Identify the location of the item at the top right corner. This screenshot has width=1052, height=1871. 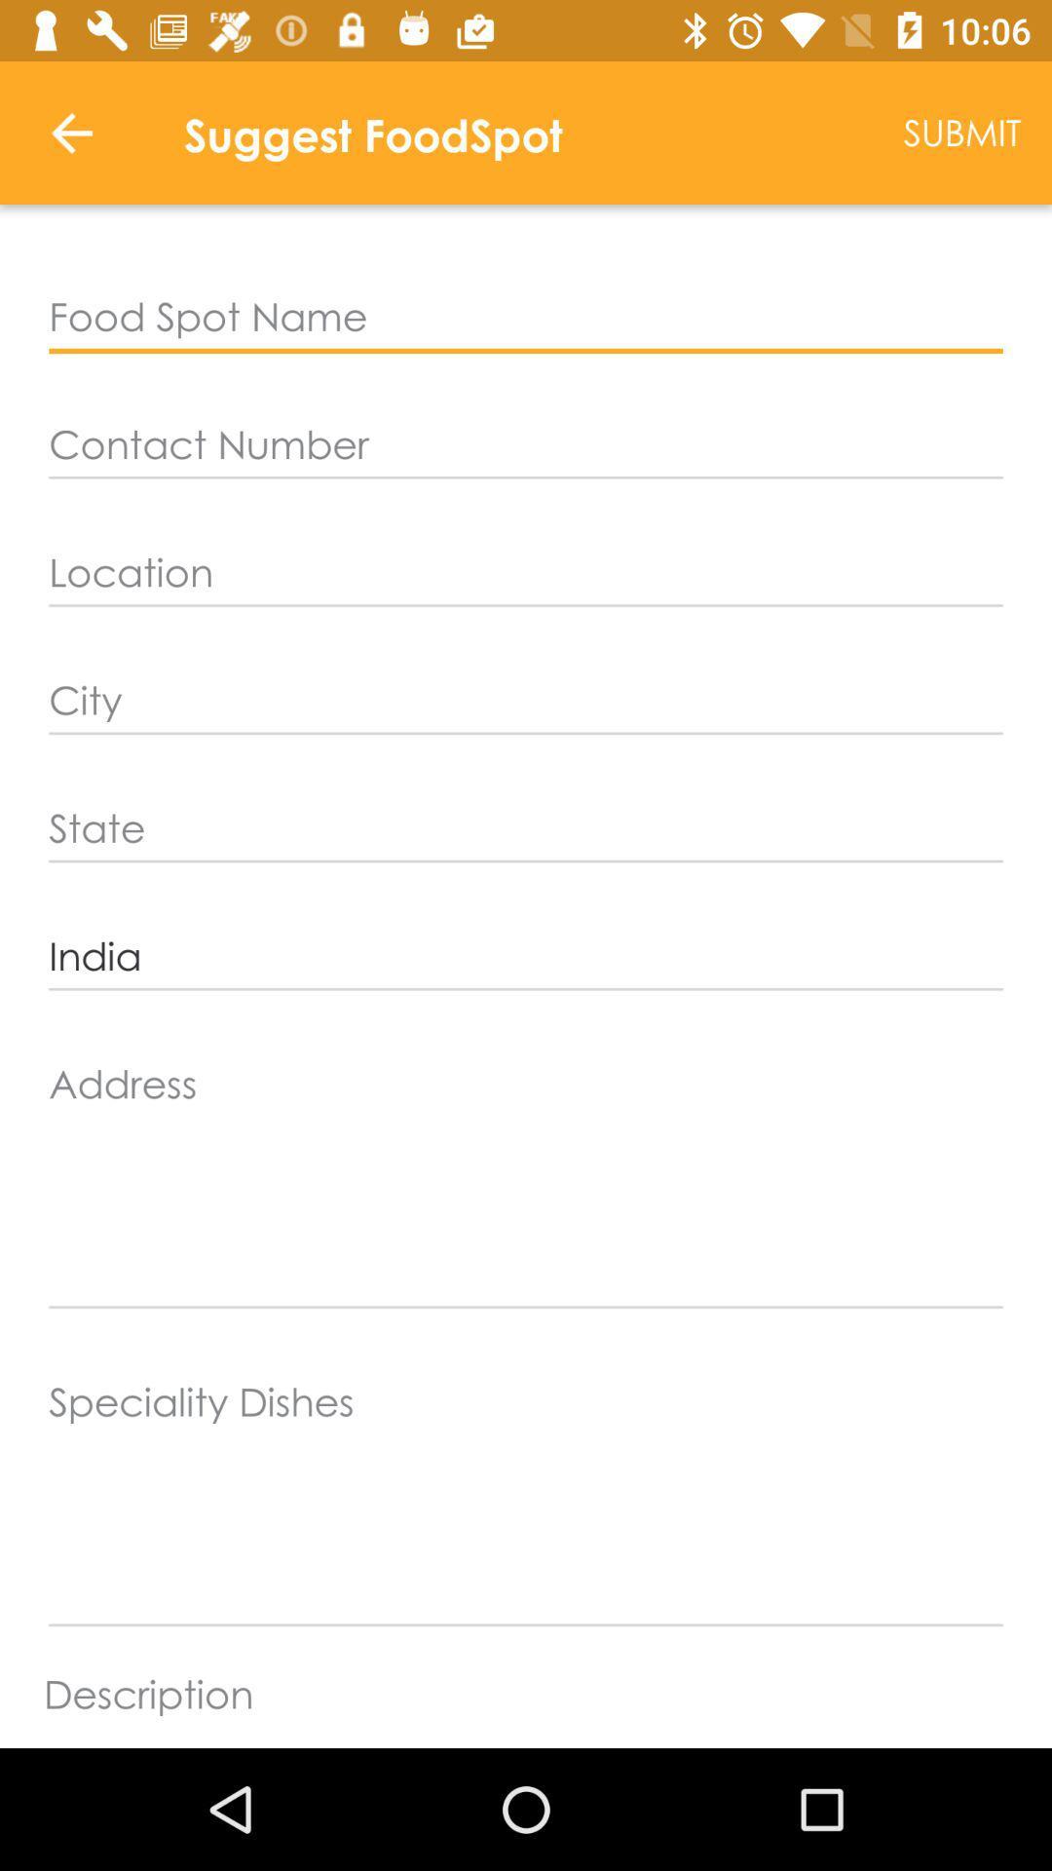
(961, 132).